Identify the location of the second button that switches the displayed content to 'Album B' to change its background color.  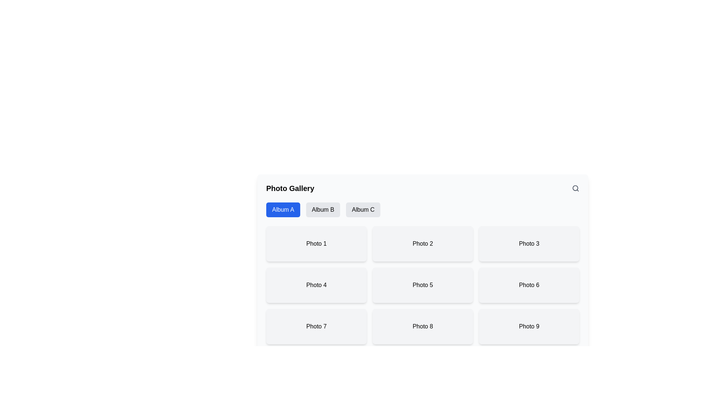
(323, 209).